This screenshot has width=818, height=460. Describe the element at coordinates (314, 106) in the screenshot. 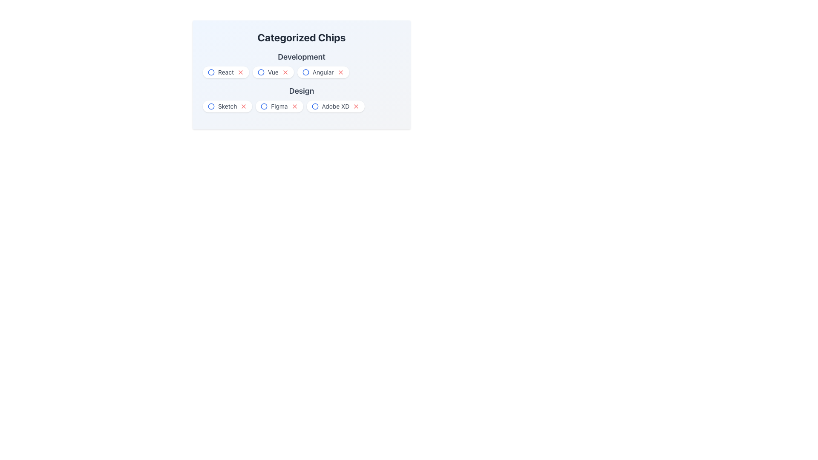

I see `the blue circular SVG icon with a thin outline located within the 'Adobe XD' chip in the 'Design' section, positioned to the left of the text label` at that location.